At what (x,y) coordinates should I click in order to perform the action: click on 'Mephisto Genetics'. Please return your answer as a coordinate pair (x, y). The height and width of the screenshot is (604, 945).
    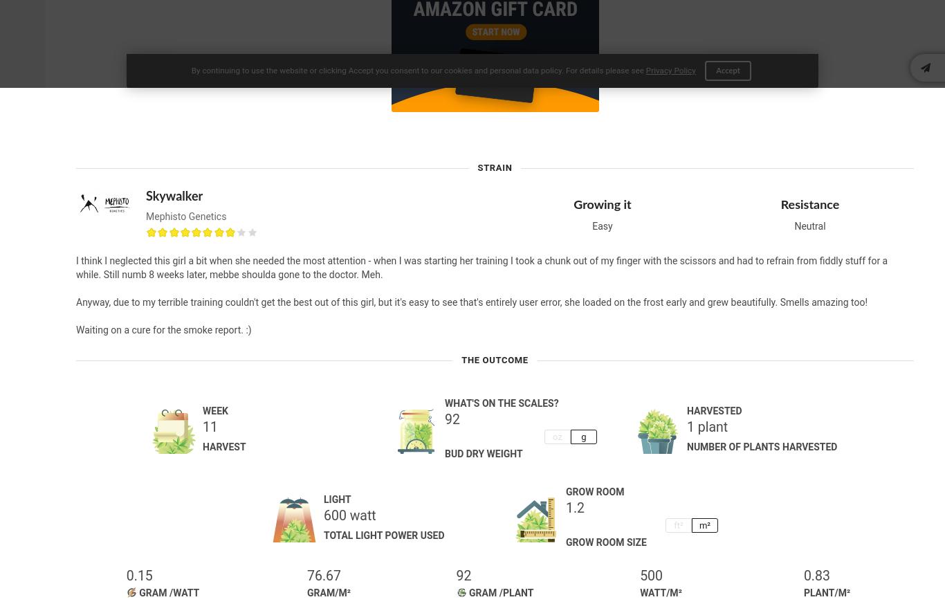
    Looking at the image, I should click on (185, 216).